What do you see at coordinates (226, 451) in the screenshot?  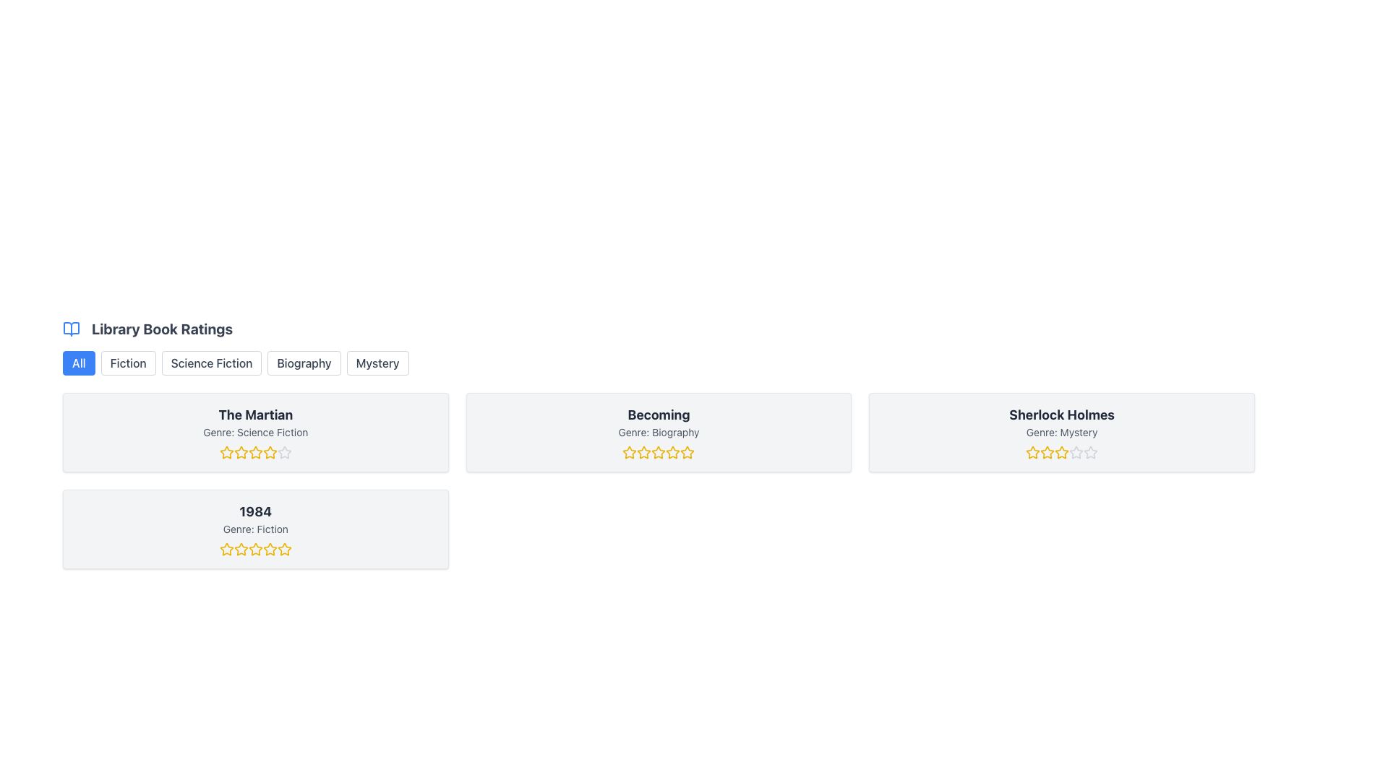 I see `keyboard navigation` at bounding box center [226, 451].